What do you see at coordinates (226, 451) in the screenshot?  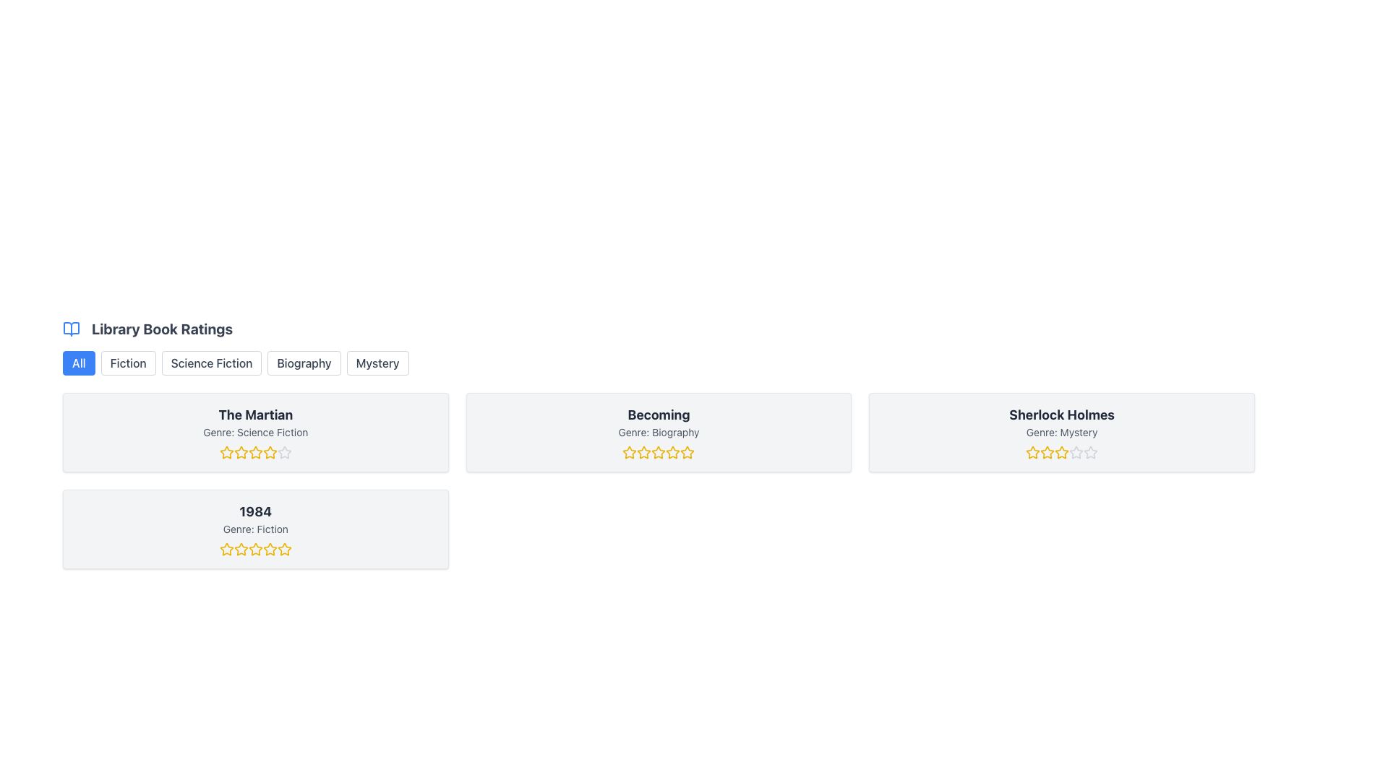 I see `keyboard navigation` at bounding box center [226, 451].